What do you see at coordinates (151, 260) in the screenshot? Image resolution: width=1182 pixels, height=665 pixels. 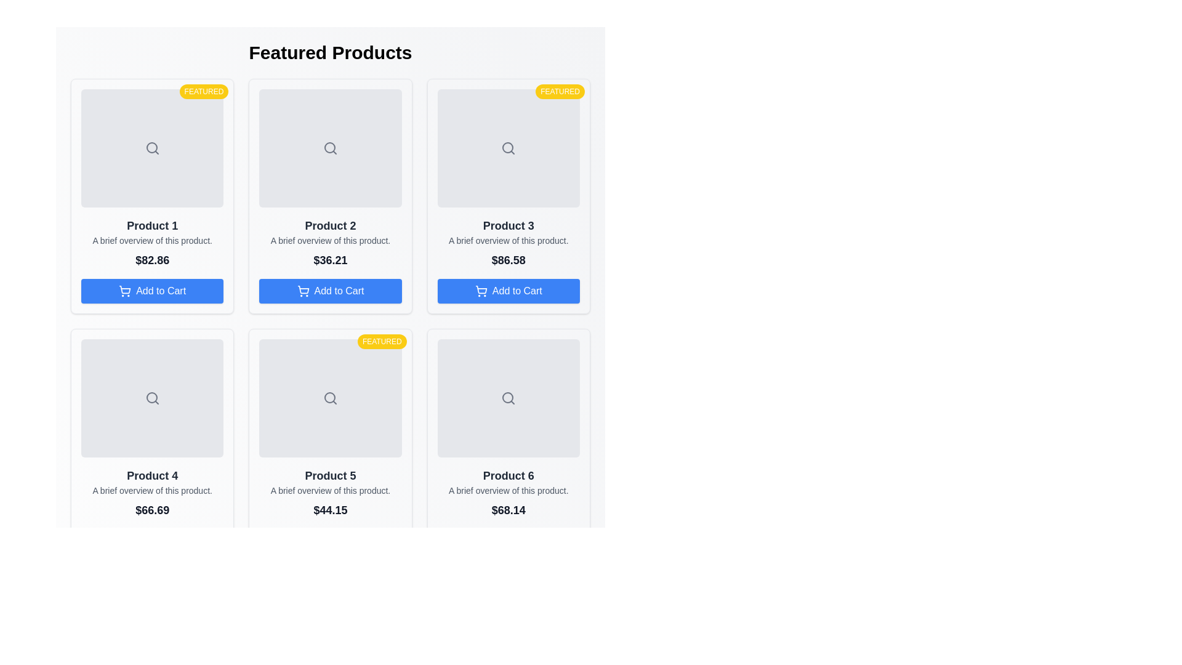 I see `the Text Label displaying the price '$82.86' located within Product 1 card, positioned below the product overview and above the 'Add to Cart' button` at bounding box center [151, 260].